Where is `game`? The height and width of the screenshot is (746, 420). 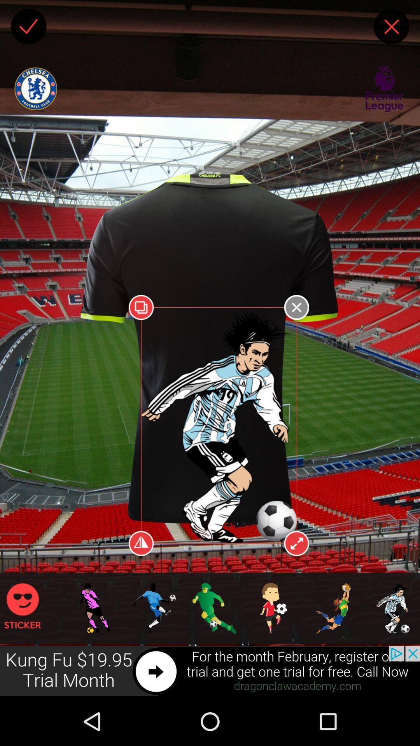 game is located at coordinates (351, 619).